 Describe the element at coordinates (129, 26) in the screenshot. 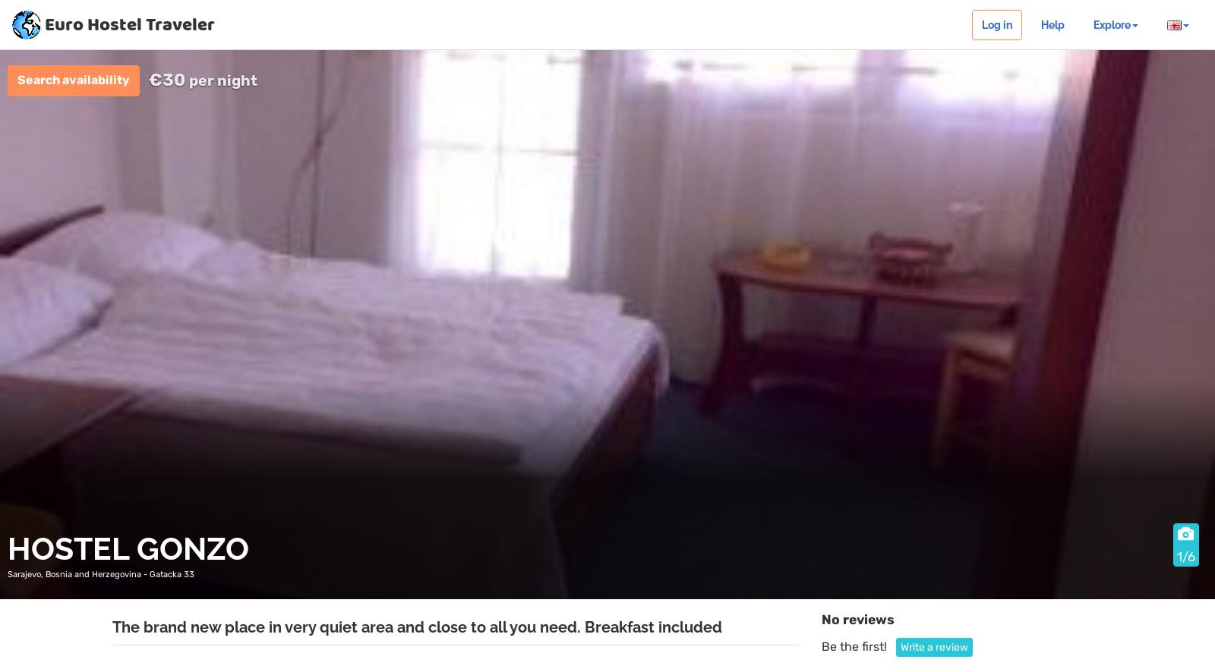

I see `'Euro Hostel Traveler'` at that location.